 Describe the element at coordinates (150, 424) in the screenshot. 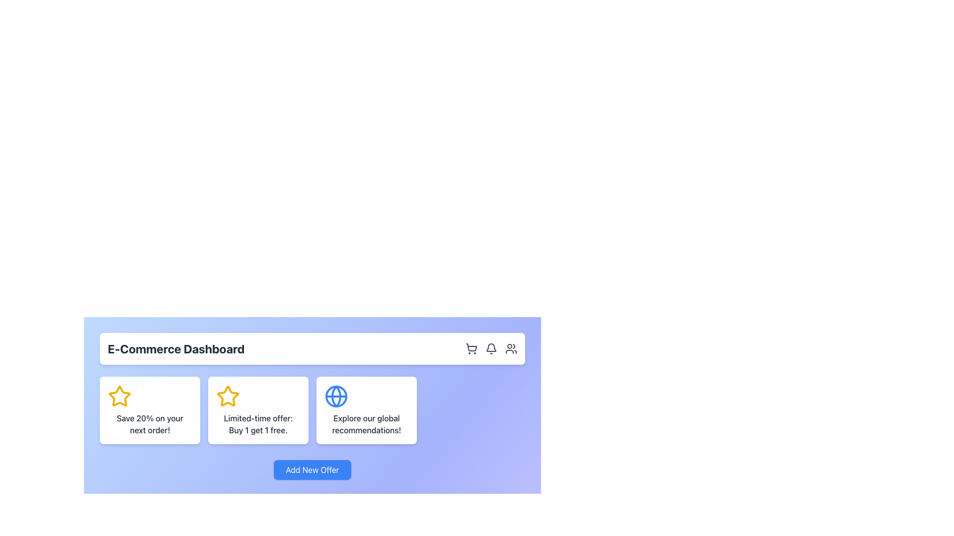

I see `the promotional text displaying 'Save 20% on your next order!' which is located at the bottom section of the first card in a horizontal card group` at that location.